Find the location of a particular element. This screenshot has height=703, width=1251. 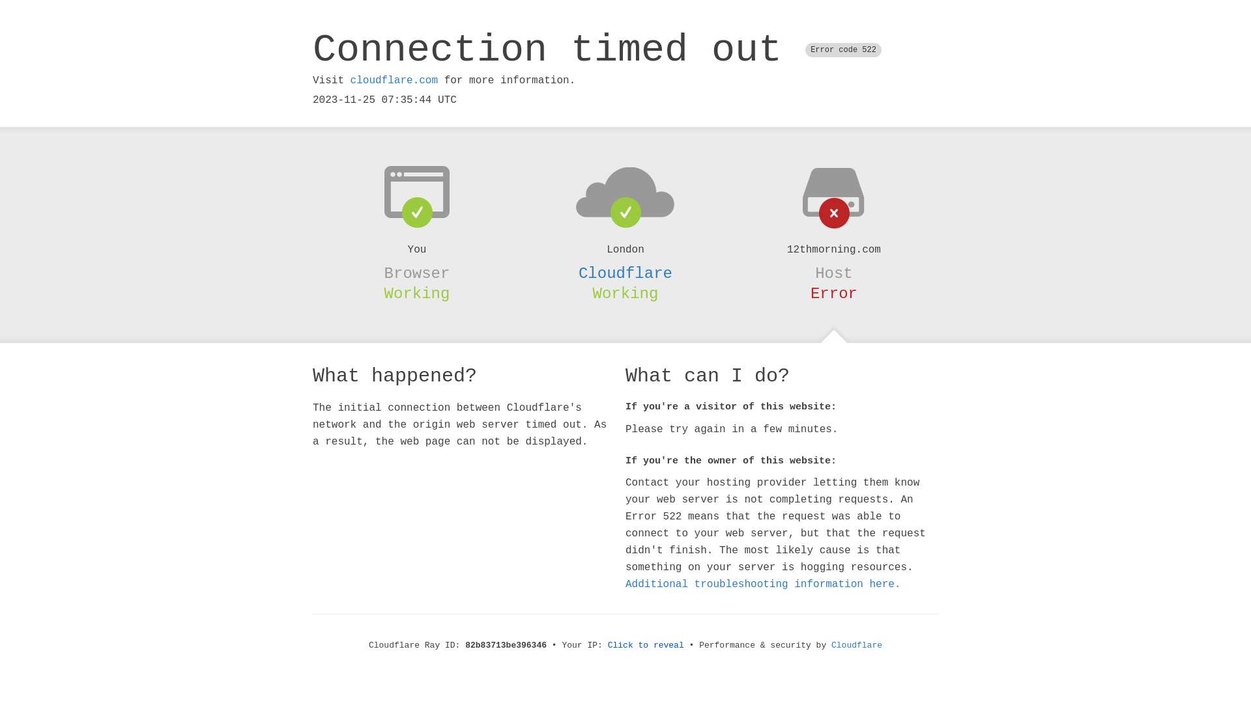

'Cloudflare' is located at coordinates (857, 645).